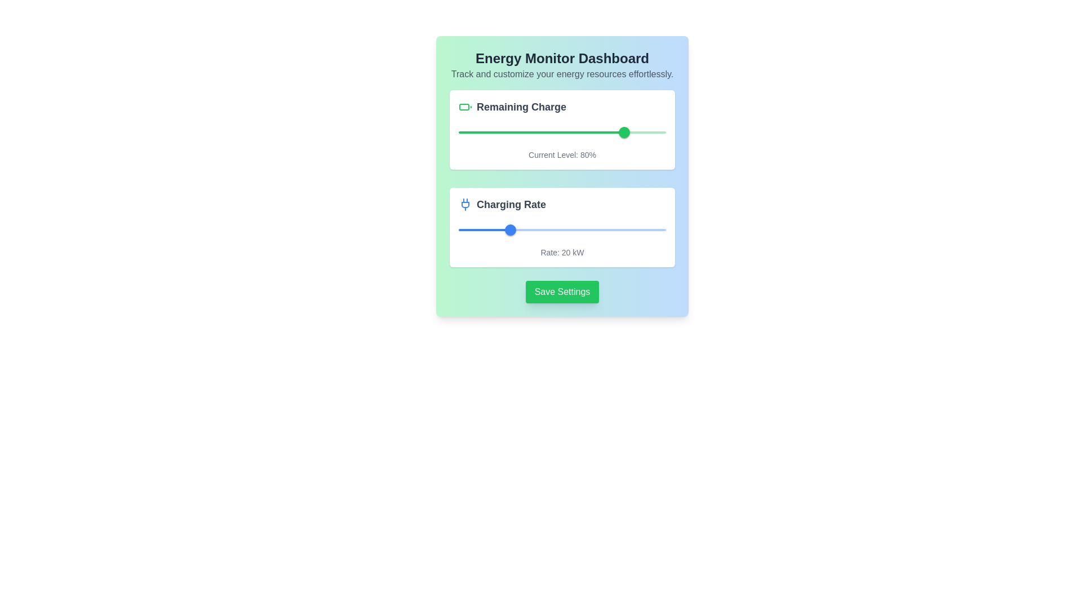 The width and height of the screenshot is (1082, 609). I want to click on the battery icon located at the top-left of the 'Remaining Charge' section, preceding the text title 'Remaining Charge', so click(465, 107).